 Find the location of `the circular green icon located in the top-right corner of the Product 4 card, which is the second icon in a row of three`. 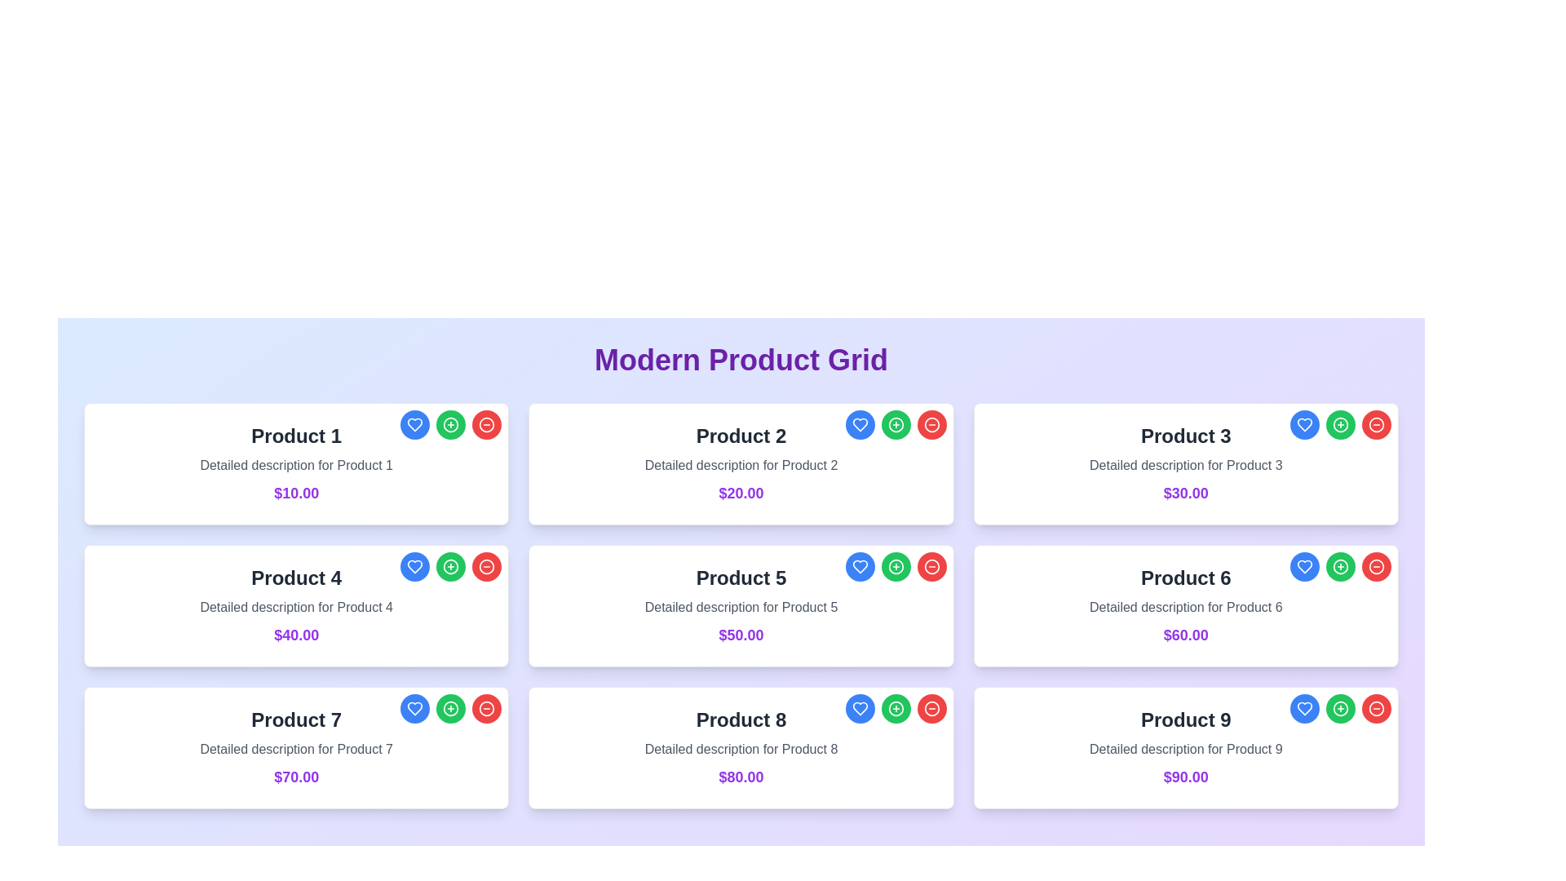

the circular green icon located in the top-right corner of the Product 4 card, which is the second icon in a row of three is located at coordinates (451, 565).